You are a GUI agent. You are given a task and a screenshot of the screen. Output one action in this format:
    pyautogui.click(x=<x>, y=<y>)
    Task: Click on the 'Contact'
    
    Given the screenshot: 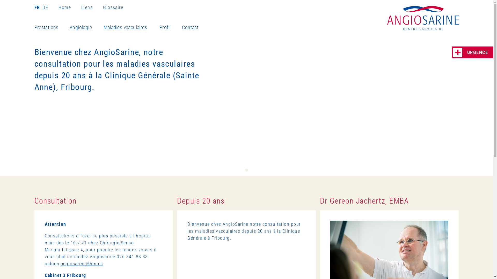 What is the action you would take?
    pyautogui.click(x=195, y=28)
    